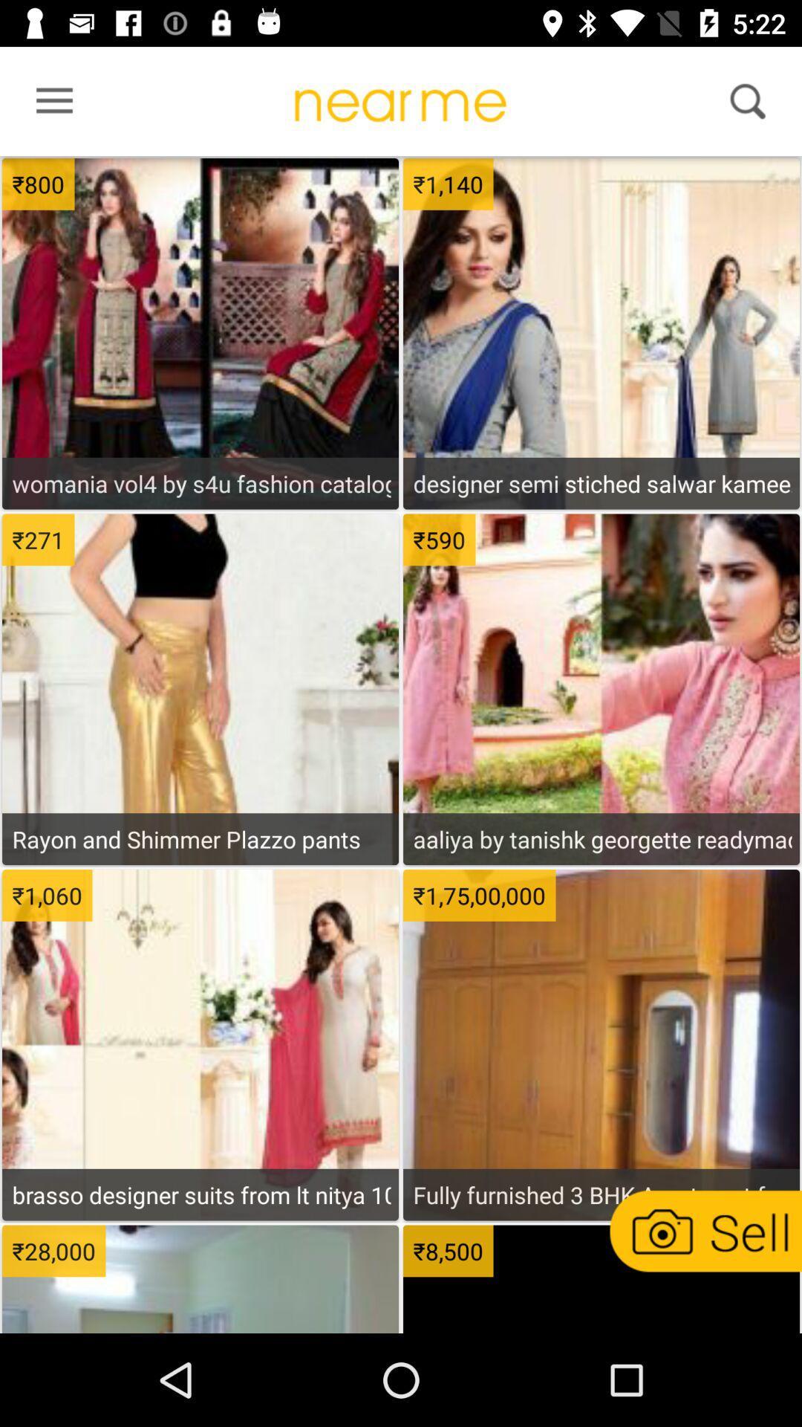  I want to click on picture, so click(703, 1231).